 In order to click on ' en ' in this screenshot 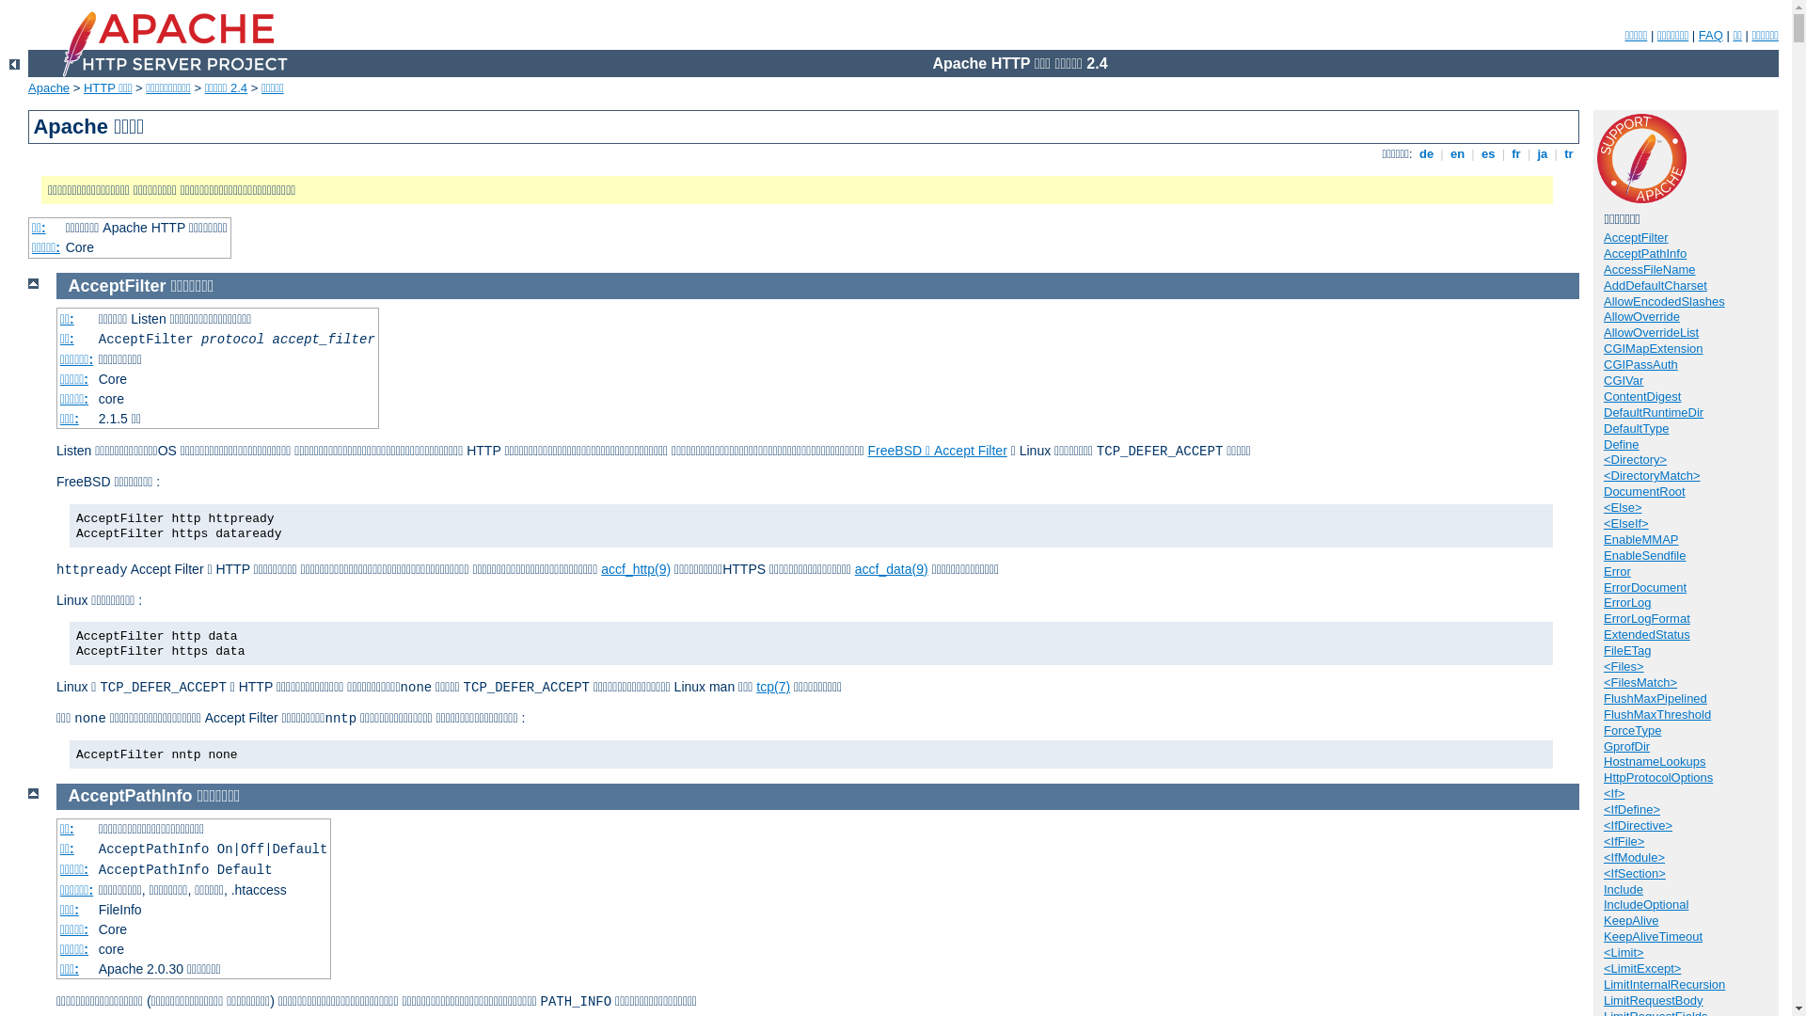, I will do `click(1445, 152)`.